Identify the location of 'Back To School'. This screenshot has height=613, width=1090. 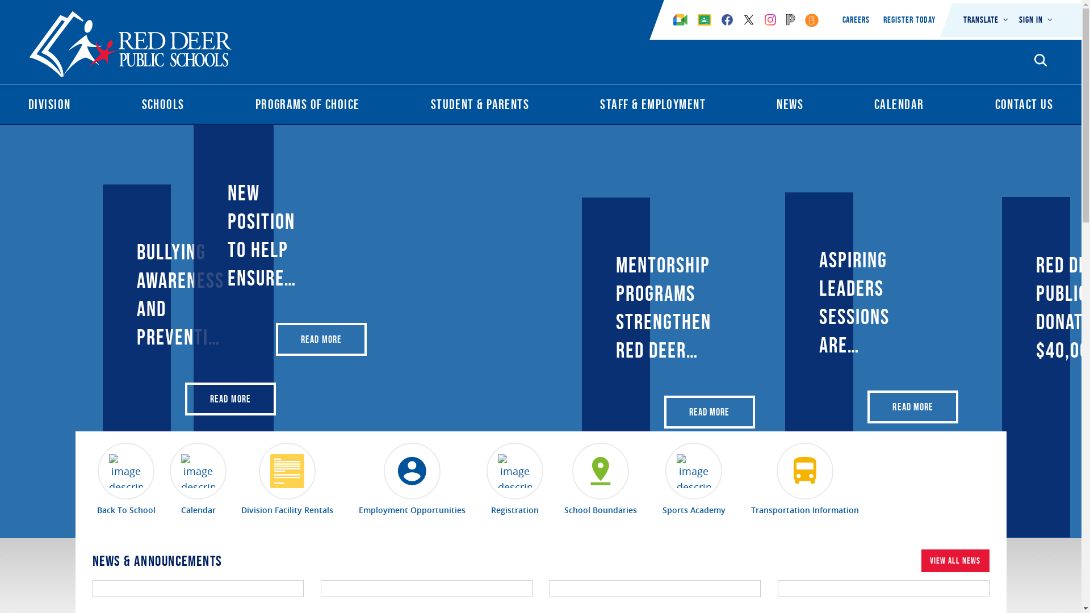
(84, 479).